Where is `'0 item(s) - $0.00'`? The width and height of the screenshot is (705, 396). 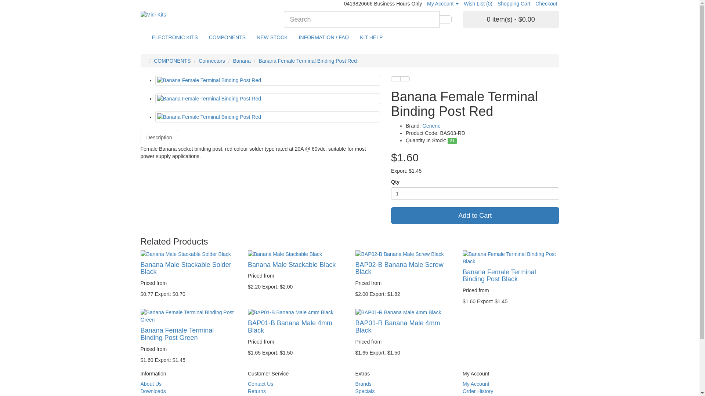 '0 item(s) - $0.00' is located at coordinates (510, 19).